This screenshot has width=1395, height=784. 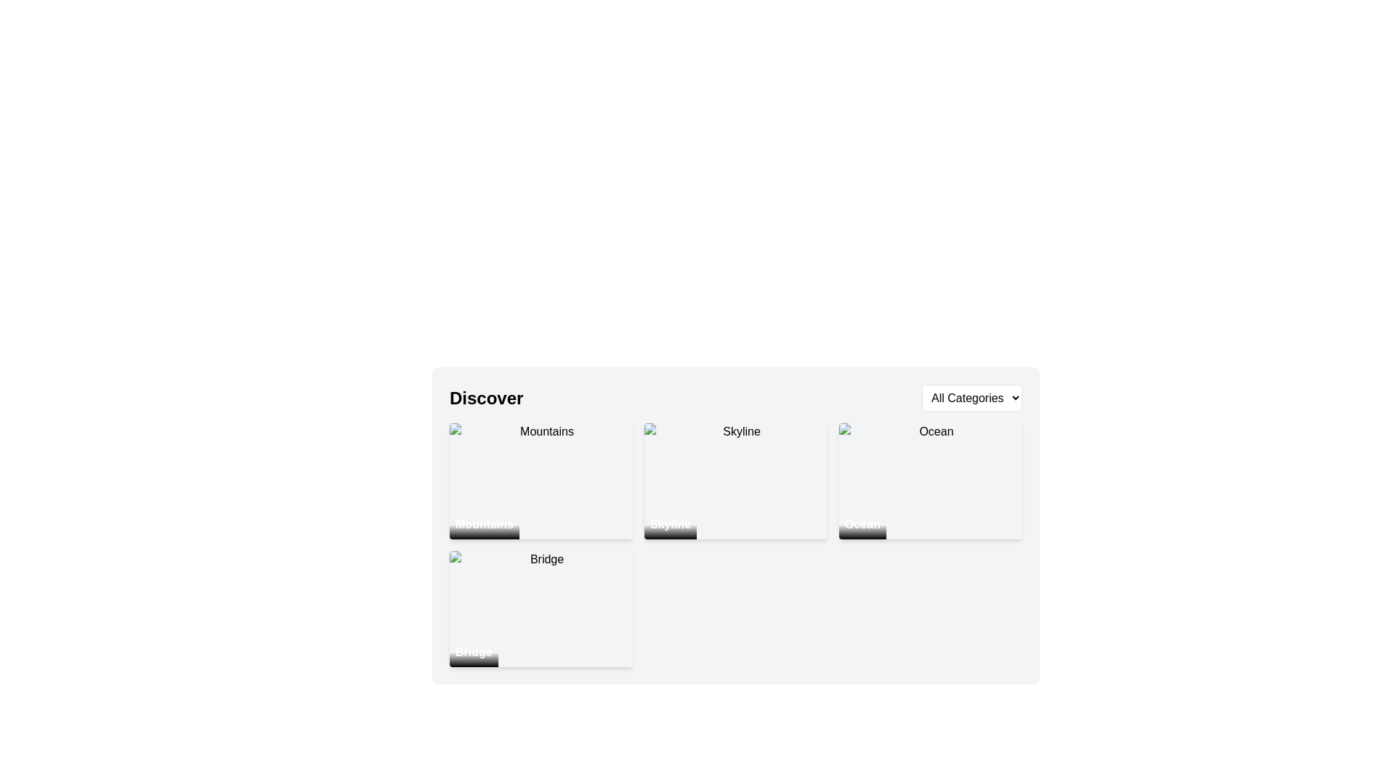 I want to click on the image within the card labeled 'Skyline', which is the second card in the grid layout between 'Mountains' and 'Ocean', so click(x=735, y=481).